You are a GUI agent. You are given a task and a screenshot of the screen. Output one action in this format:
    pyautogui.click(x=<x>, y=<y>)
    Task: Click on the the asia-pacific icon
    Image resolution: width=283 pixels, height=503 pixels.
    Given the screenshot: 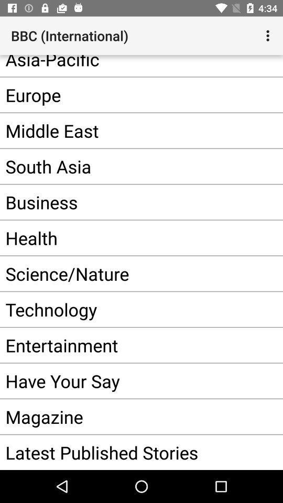 What is the action you would take?
    pyautogui.click(x=125, y=65)
    